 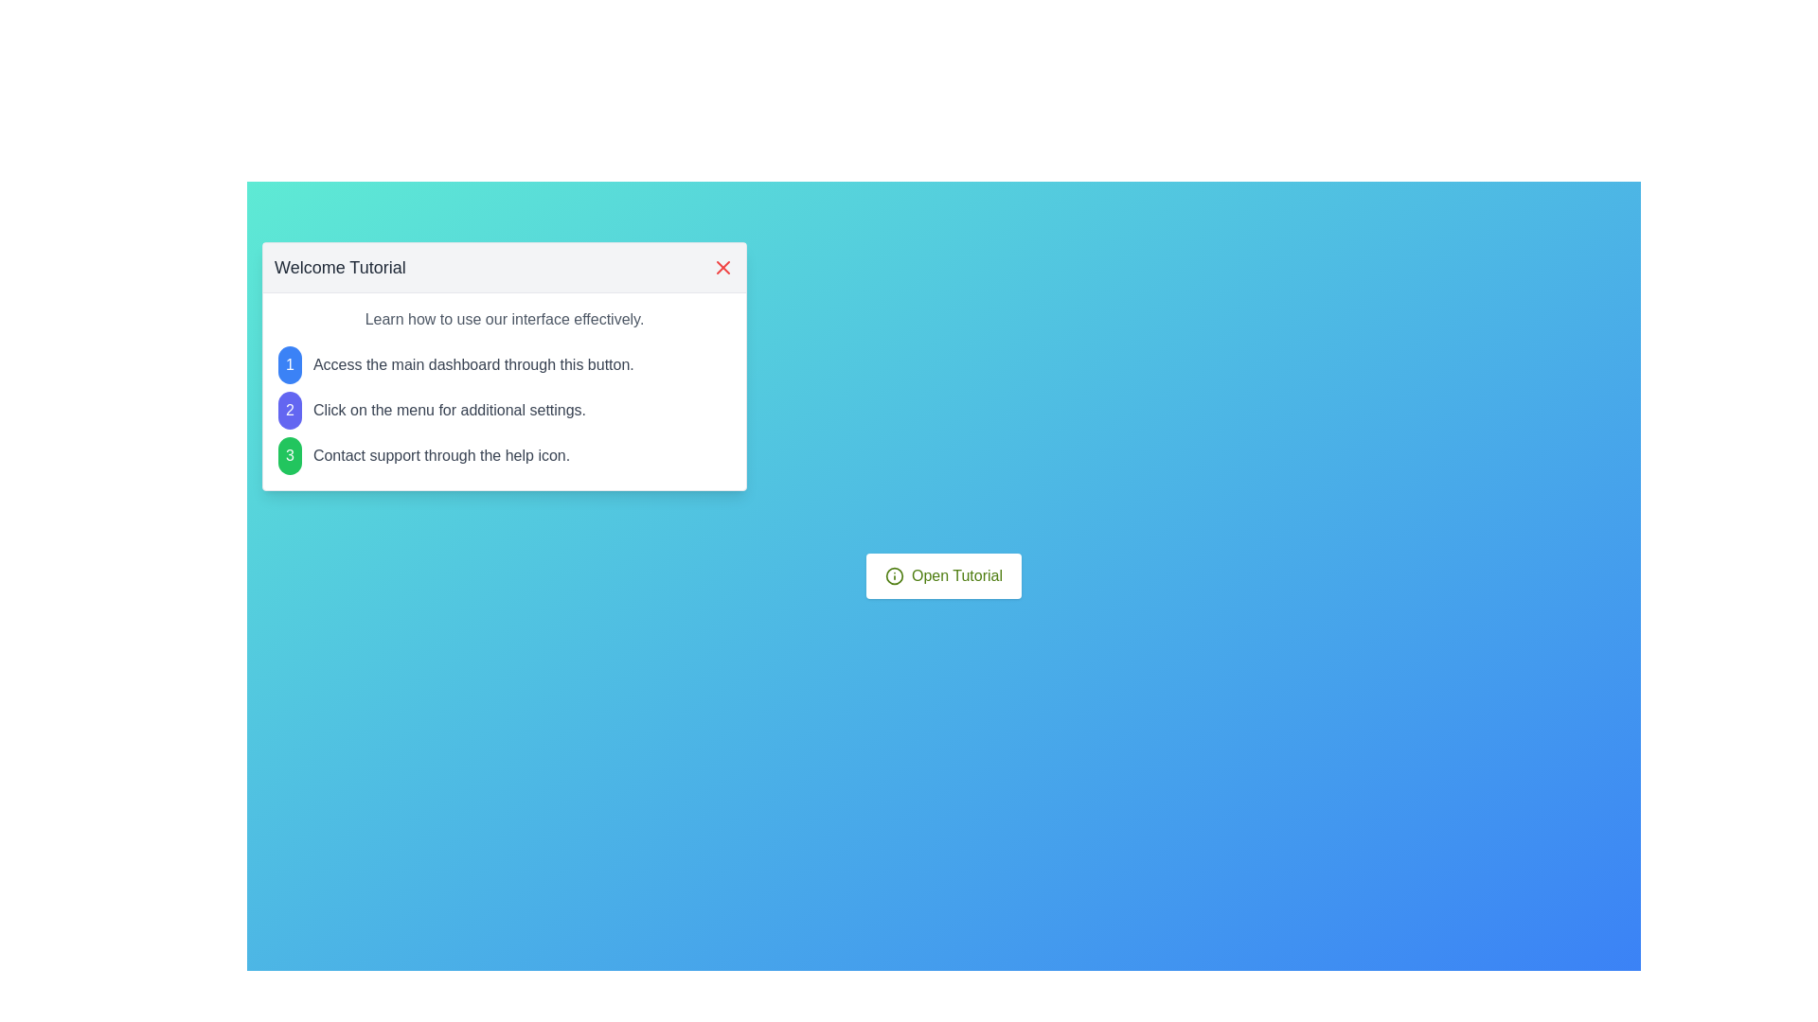 What do you see at coordinates (504, 364) in the screenshot?
I see `the instructional text element that guides users` at bounding box center [504, 364].